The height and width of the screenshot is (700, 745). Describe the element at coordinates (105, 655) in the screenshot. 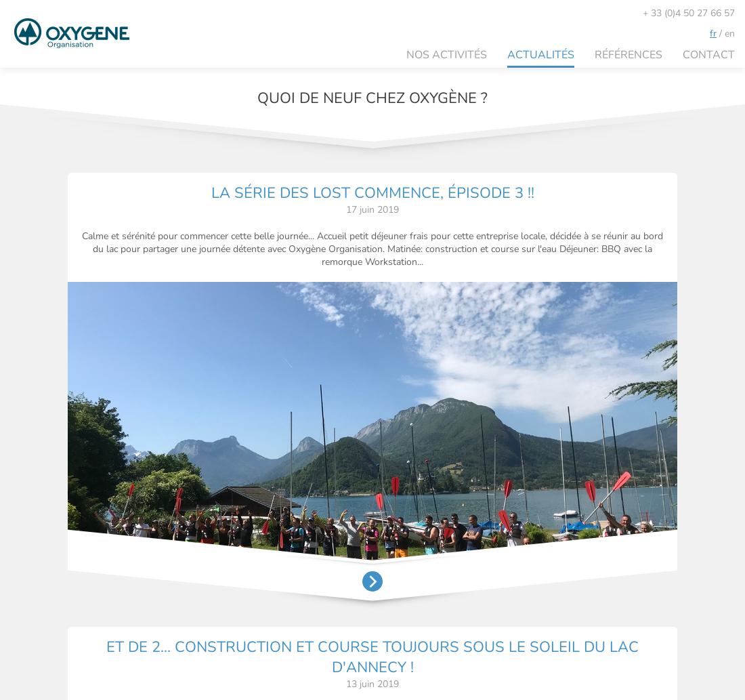

I see `'ET DE 2... CONSTRUCTION ET COURSE TOUJOURS SOUS LE SOLEIL DU LAC D'ANNECY !'` at that location.